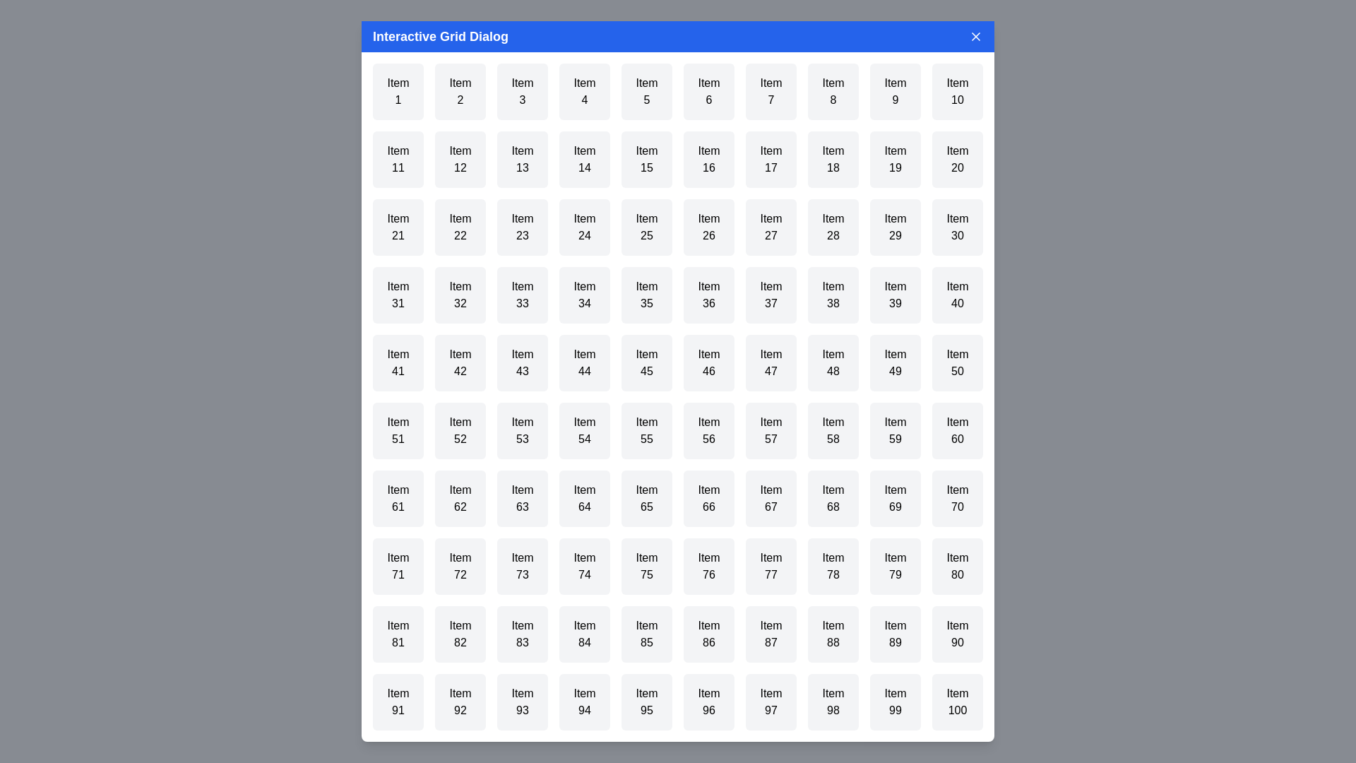  I want to click on the close button to close the dialog, so click(975, 35).